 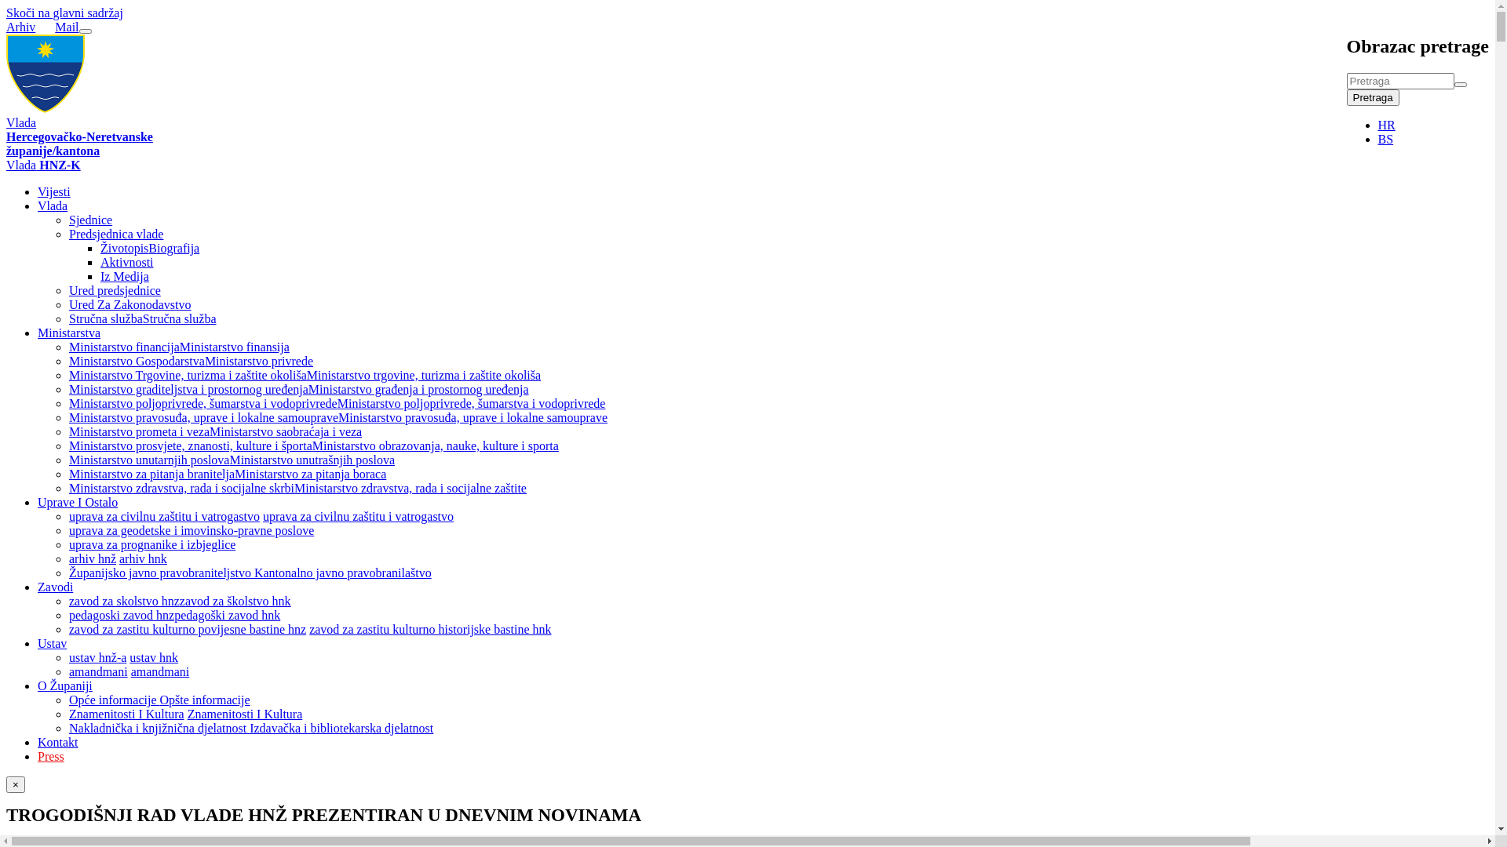 What do you see at coordinates (126, 714) in the screenshot?
I see `'Znamenitosti I Kultura'` at bounding box center [126, 714].